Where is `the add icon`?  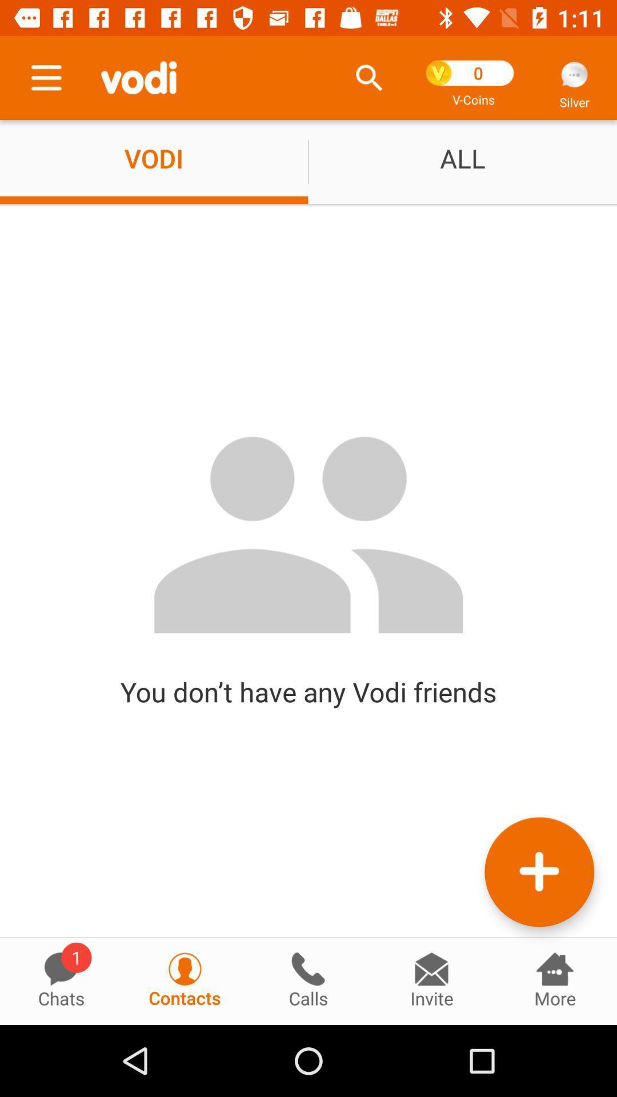 the add icon is located at coordinates (539, 871).